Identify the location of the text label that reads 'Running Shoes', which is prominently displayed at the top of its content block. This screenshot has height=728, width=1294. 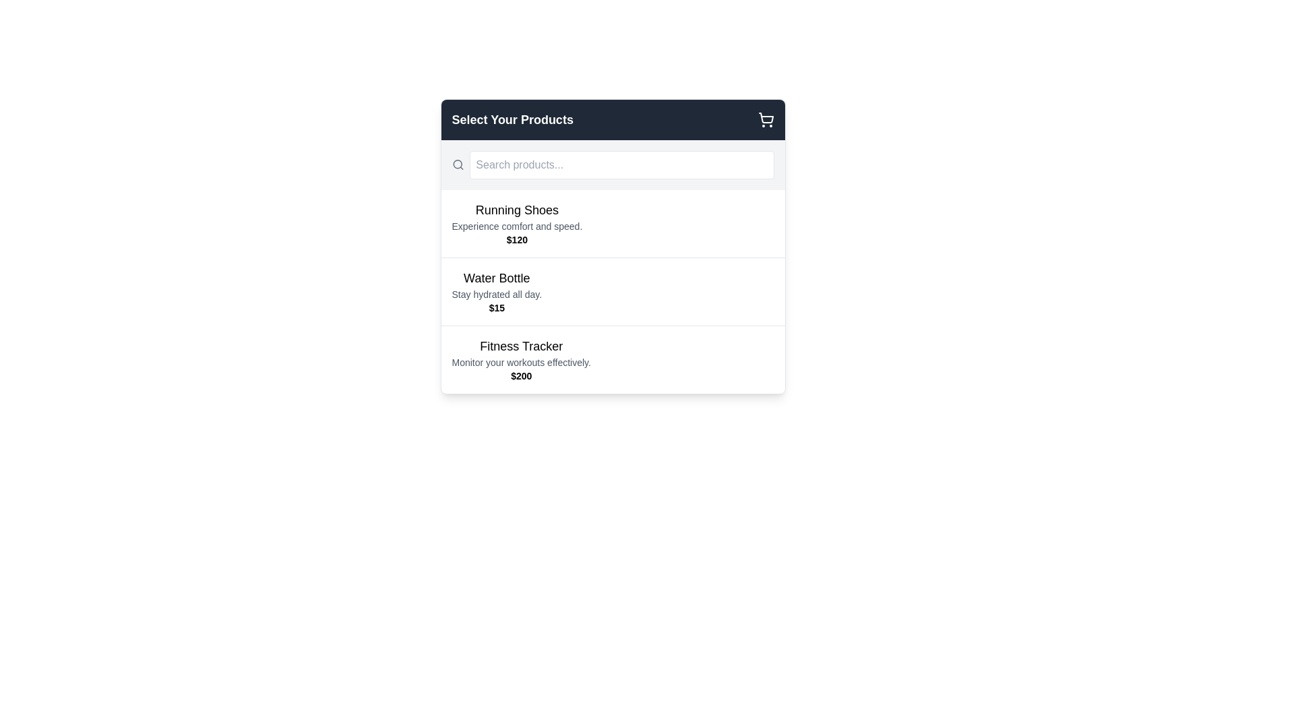
(516, 210).